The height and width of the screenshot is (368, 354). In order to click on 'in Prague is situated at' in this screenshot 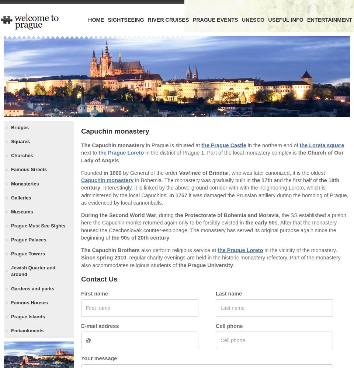, I will do `click(173, 145)`.